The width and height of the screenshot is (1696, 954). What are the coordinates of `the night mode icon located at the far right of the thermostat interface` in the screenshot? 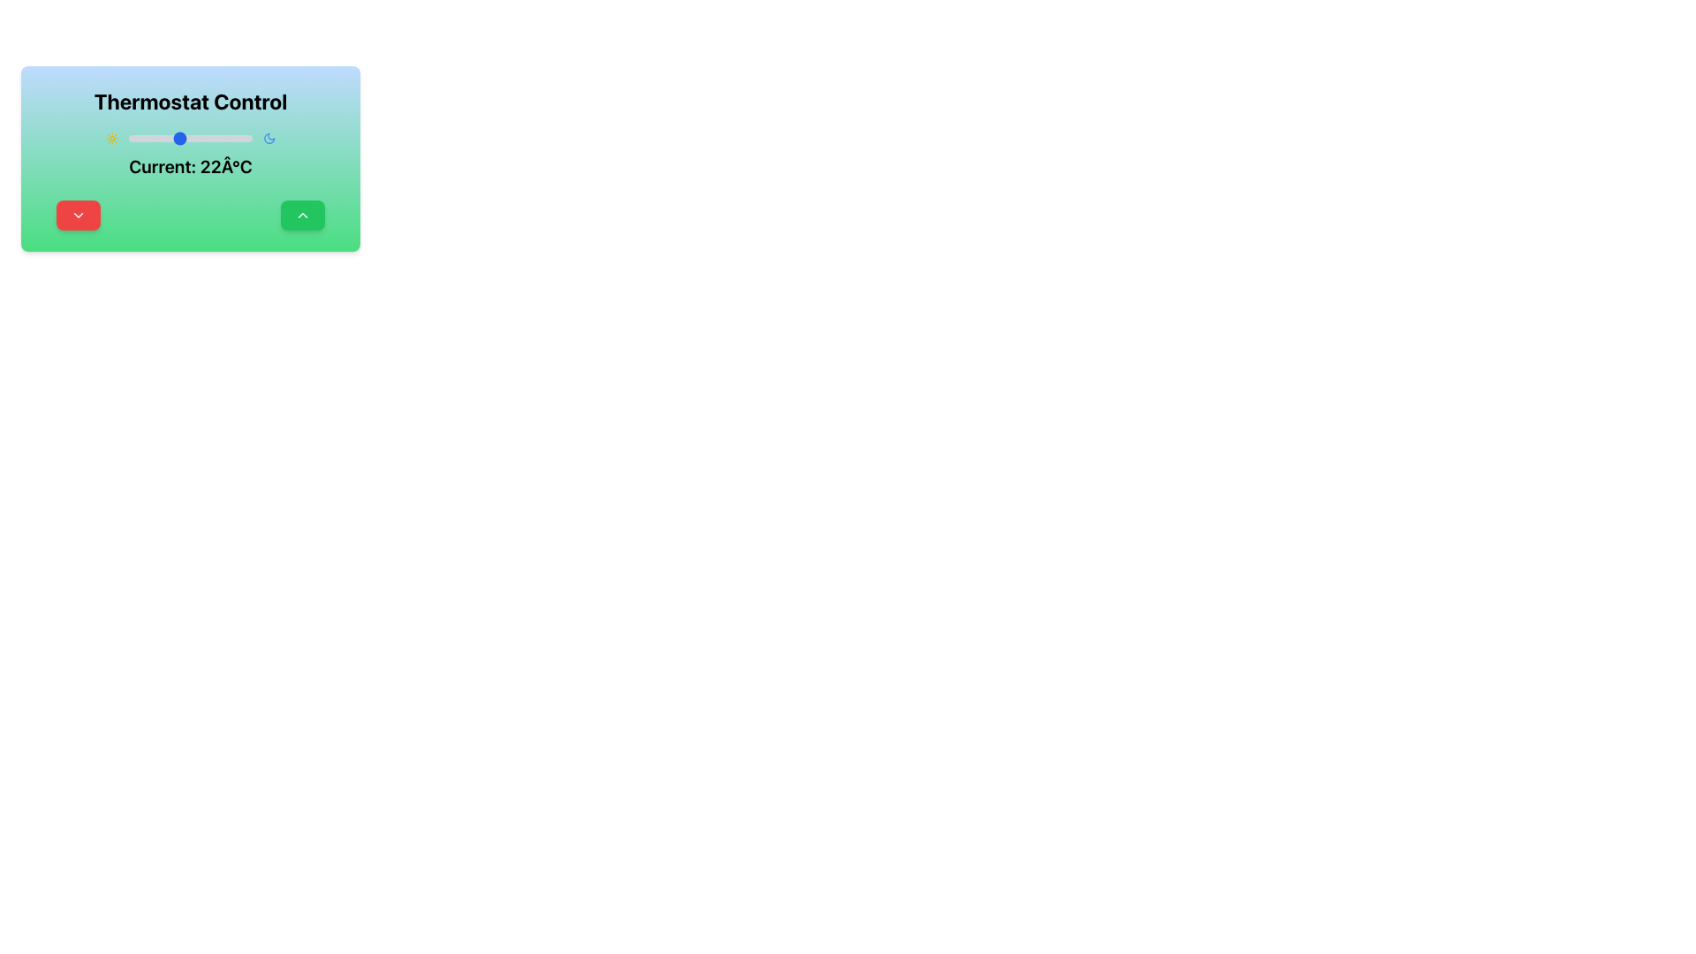 It's located at (269, 138).